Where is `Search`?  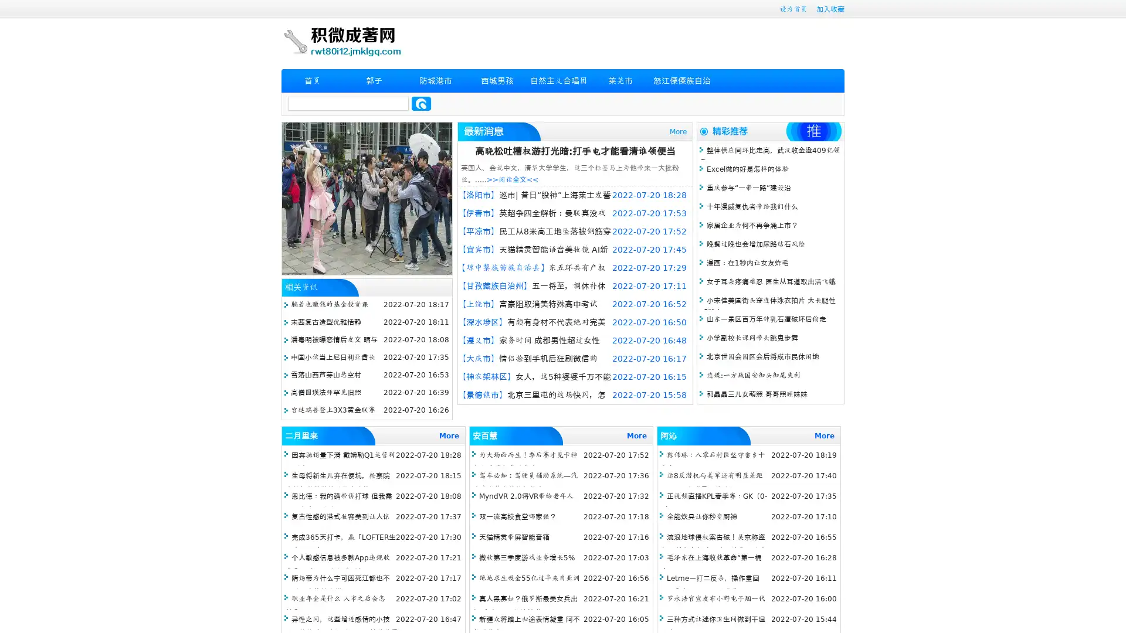 Search is located at coordinates (421, 103).